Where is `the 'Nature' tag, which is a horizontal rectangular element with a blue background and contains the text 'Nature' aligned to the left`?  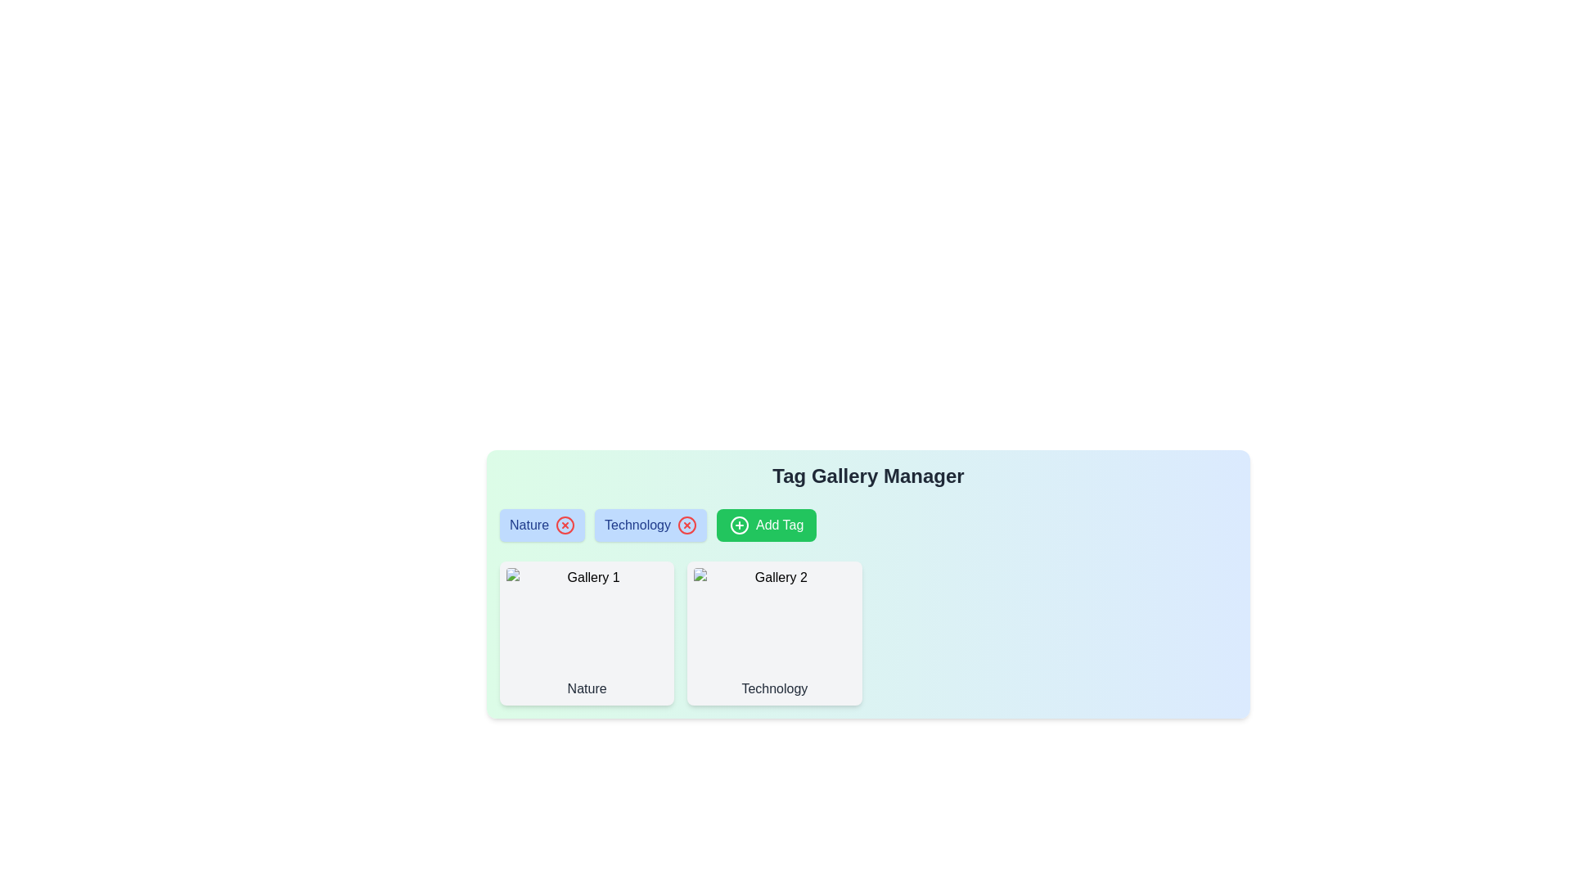 the 'Nature' tag, which is a horizontal rectangular element with a blue background and contains the text 'Nature' aligned to the left is located at coordinates (542, 525).